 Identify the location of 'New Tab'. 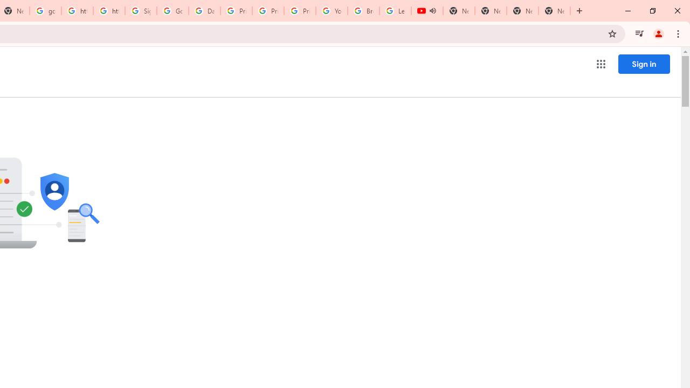
(554, 11).